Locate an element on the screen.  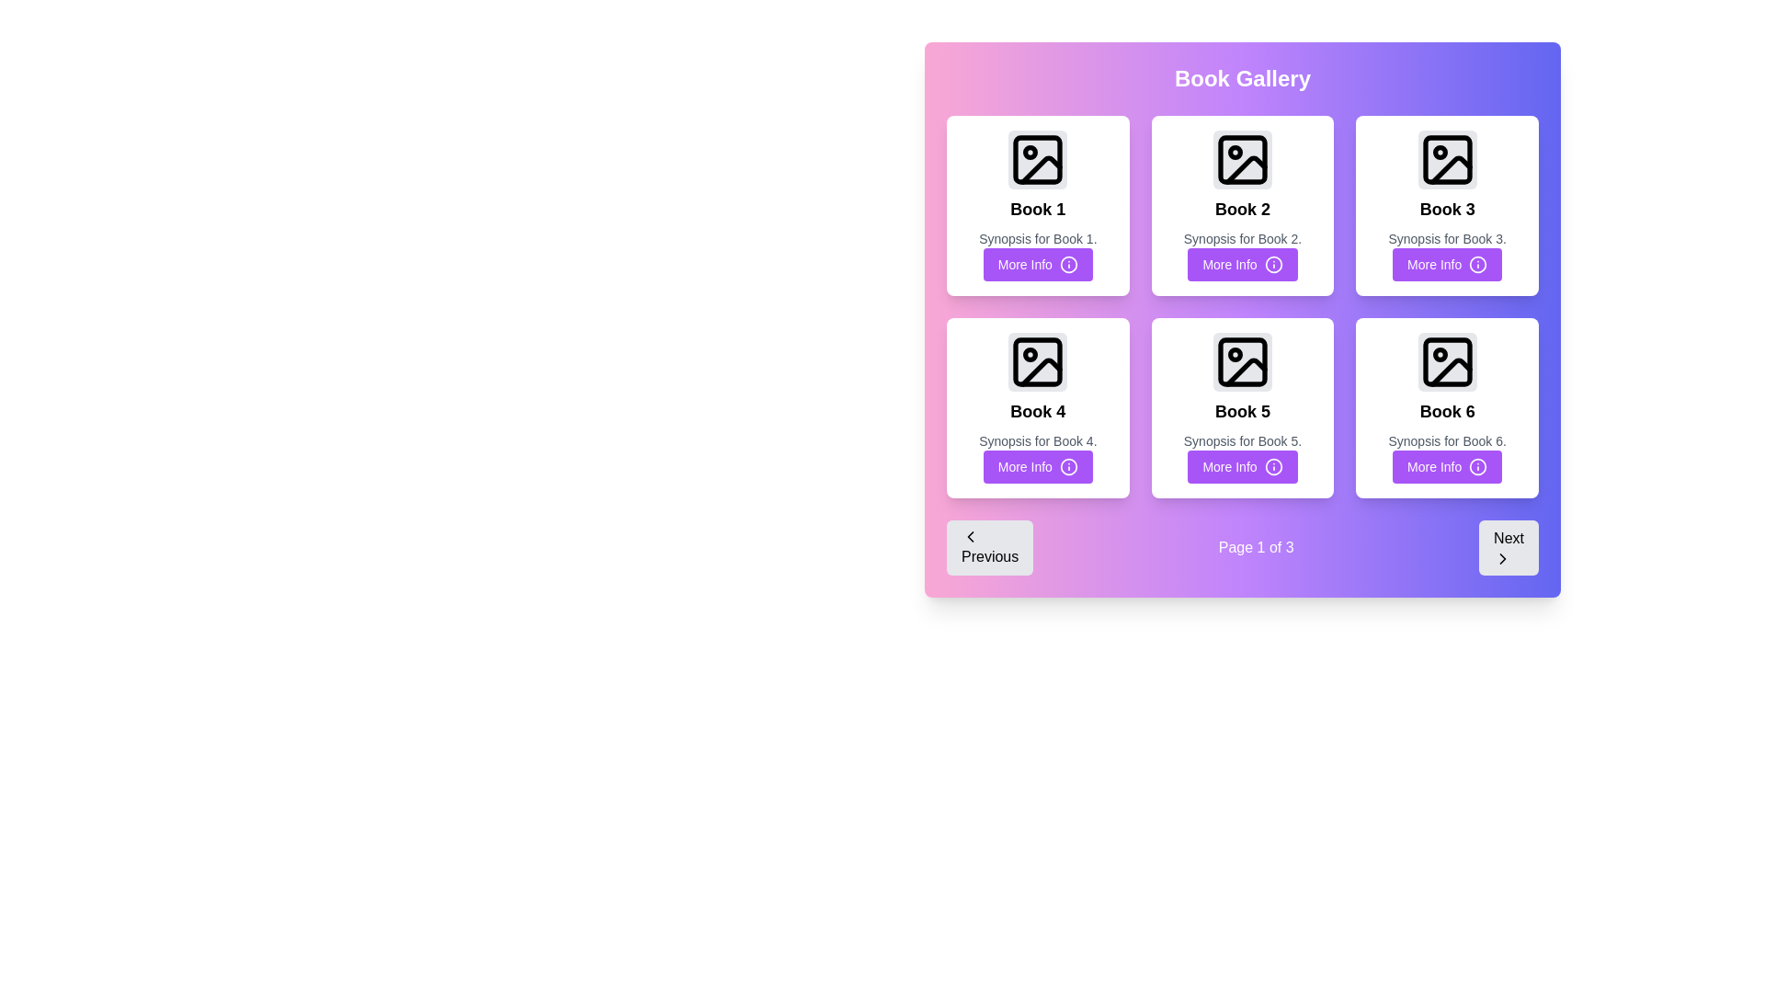
the text label that displays 'Book 5', which is styled in bold is located at coordinates (1243, 410).